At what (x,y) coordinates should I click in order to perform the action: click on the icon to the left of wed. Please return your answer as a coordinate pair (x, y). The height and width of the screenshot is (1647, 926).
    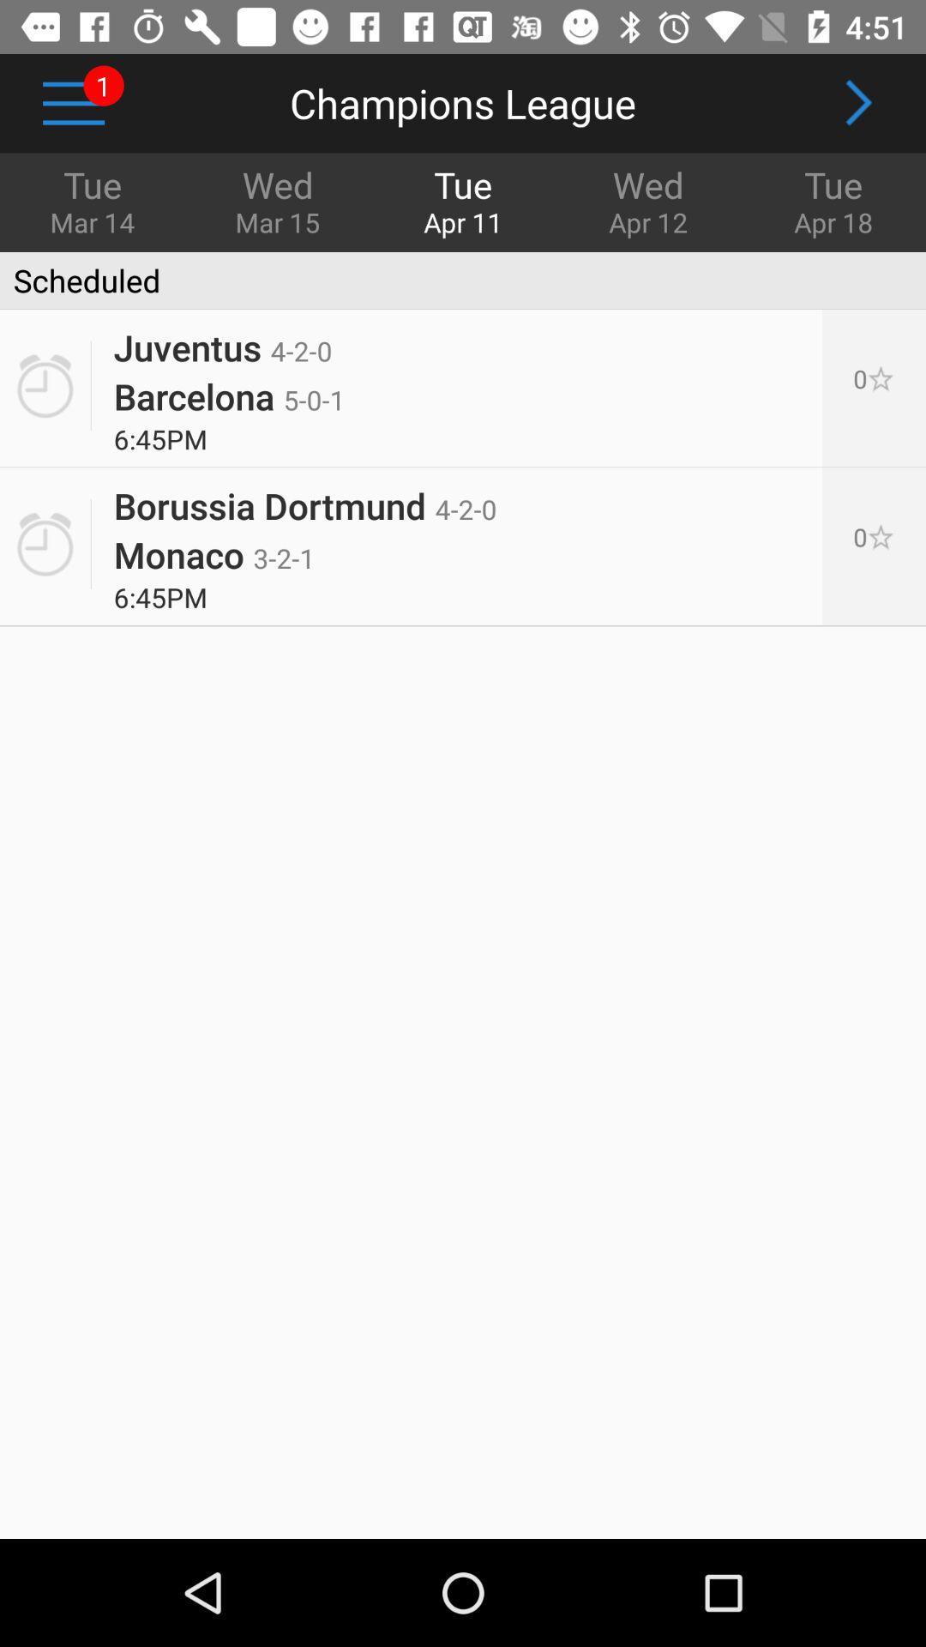
    Looking at the image, I should click on (73, 102).